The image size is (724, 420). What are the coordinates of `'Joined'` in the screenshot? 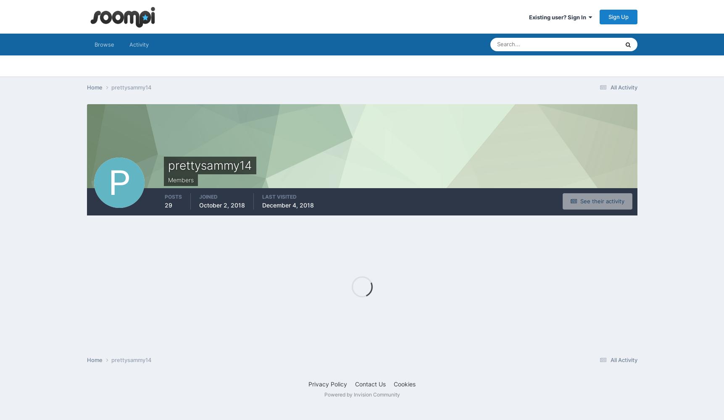 It's located at (208, 196).